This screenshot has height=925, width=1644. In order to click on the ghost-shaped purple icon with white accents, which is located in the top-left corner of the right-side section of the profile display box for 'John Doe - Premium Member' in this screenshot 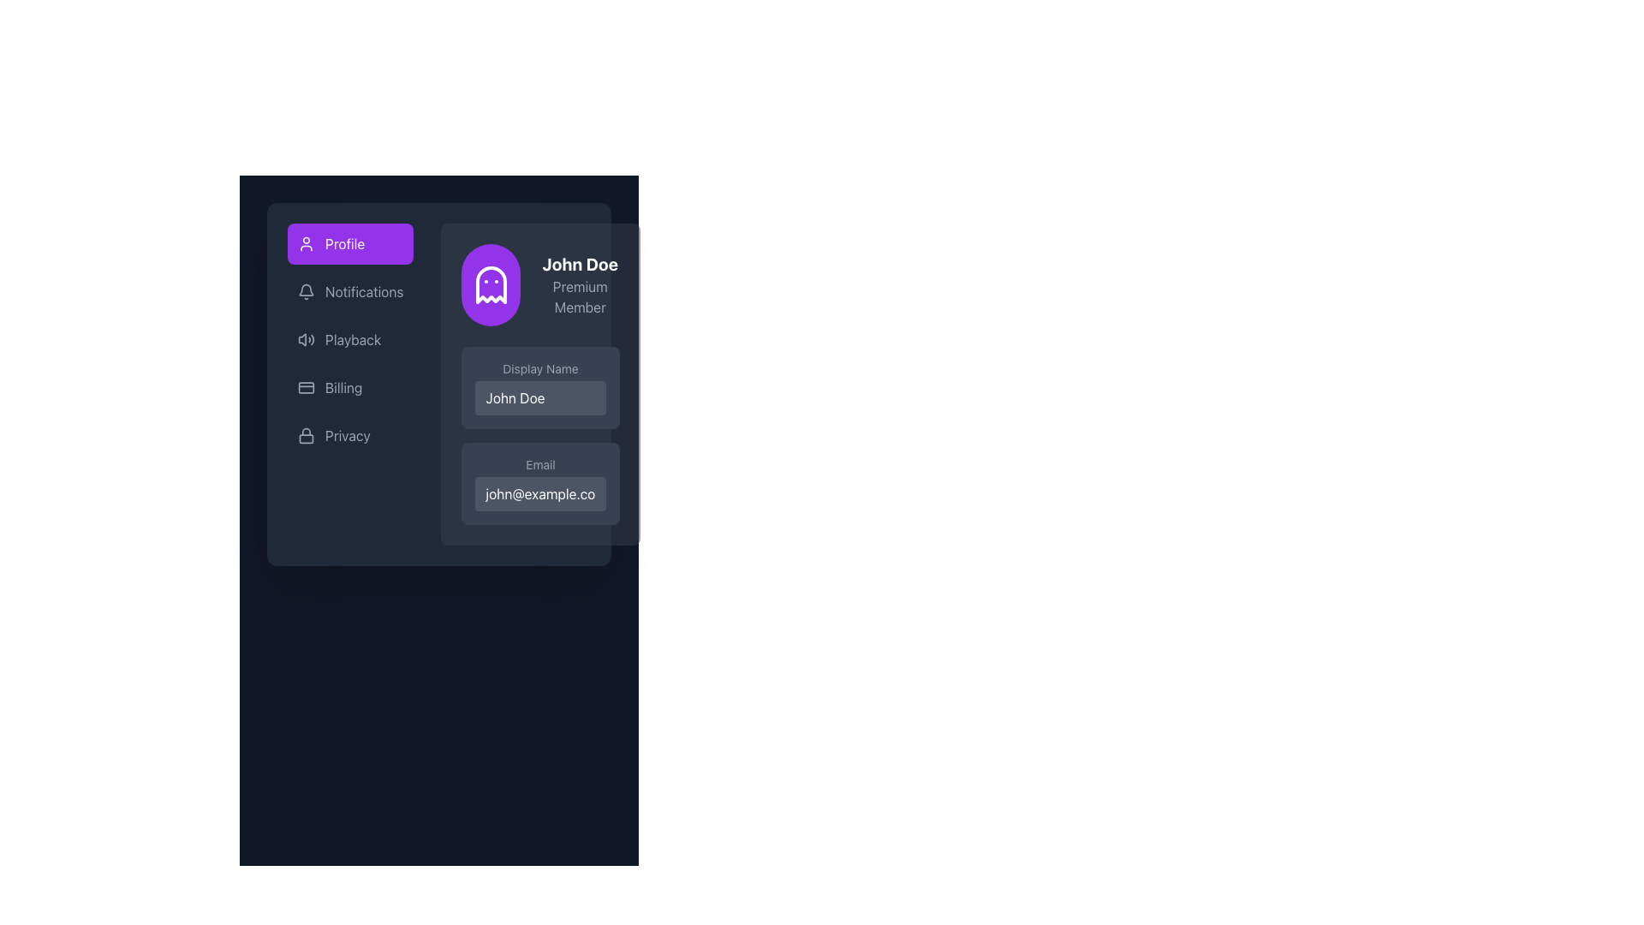, I will do `click(490, 283)`.